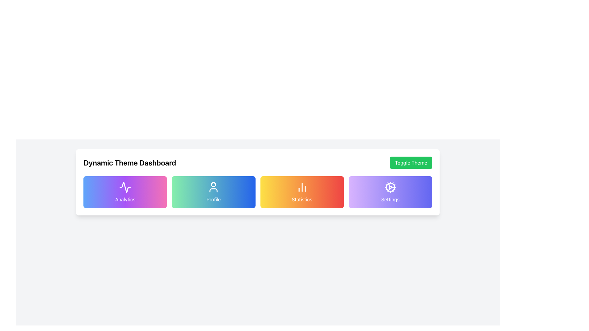 This screenshot has height=331, width=589. What do you see at coordinates (390, 187) in the screenshot?
I see `the cogwheel icon located in the rightmost position of the 'Settings' card` at bounding box center [390, 187].